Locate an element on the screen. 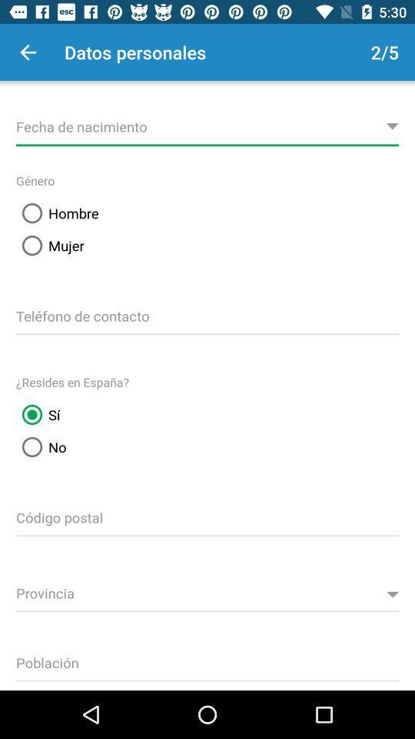 The height and width of the screenshot is (739, 415). input contact number is located at coordinates (207, 313).